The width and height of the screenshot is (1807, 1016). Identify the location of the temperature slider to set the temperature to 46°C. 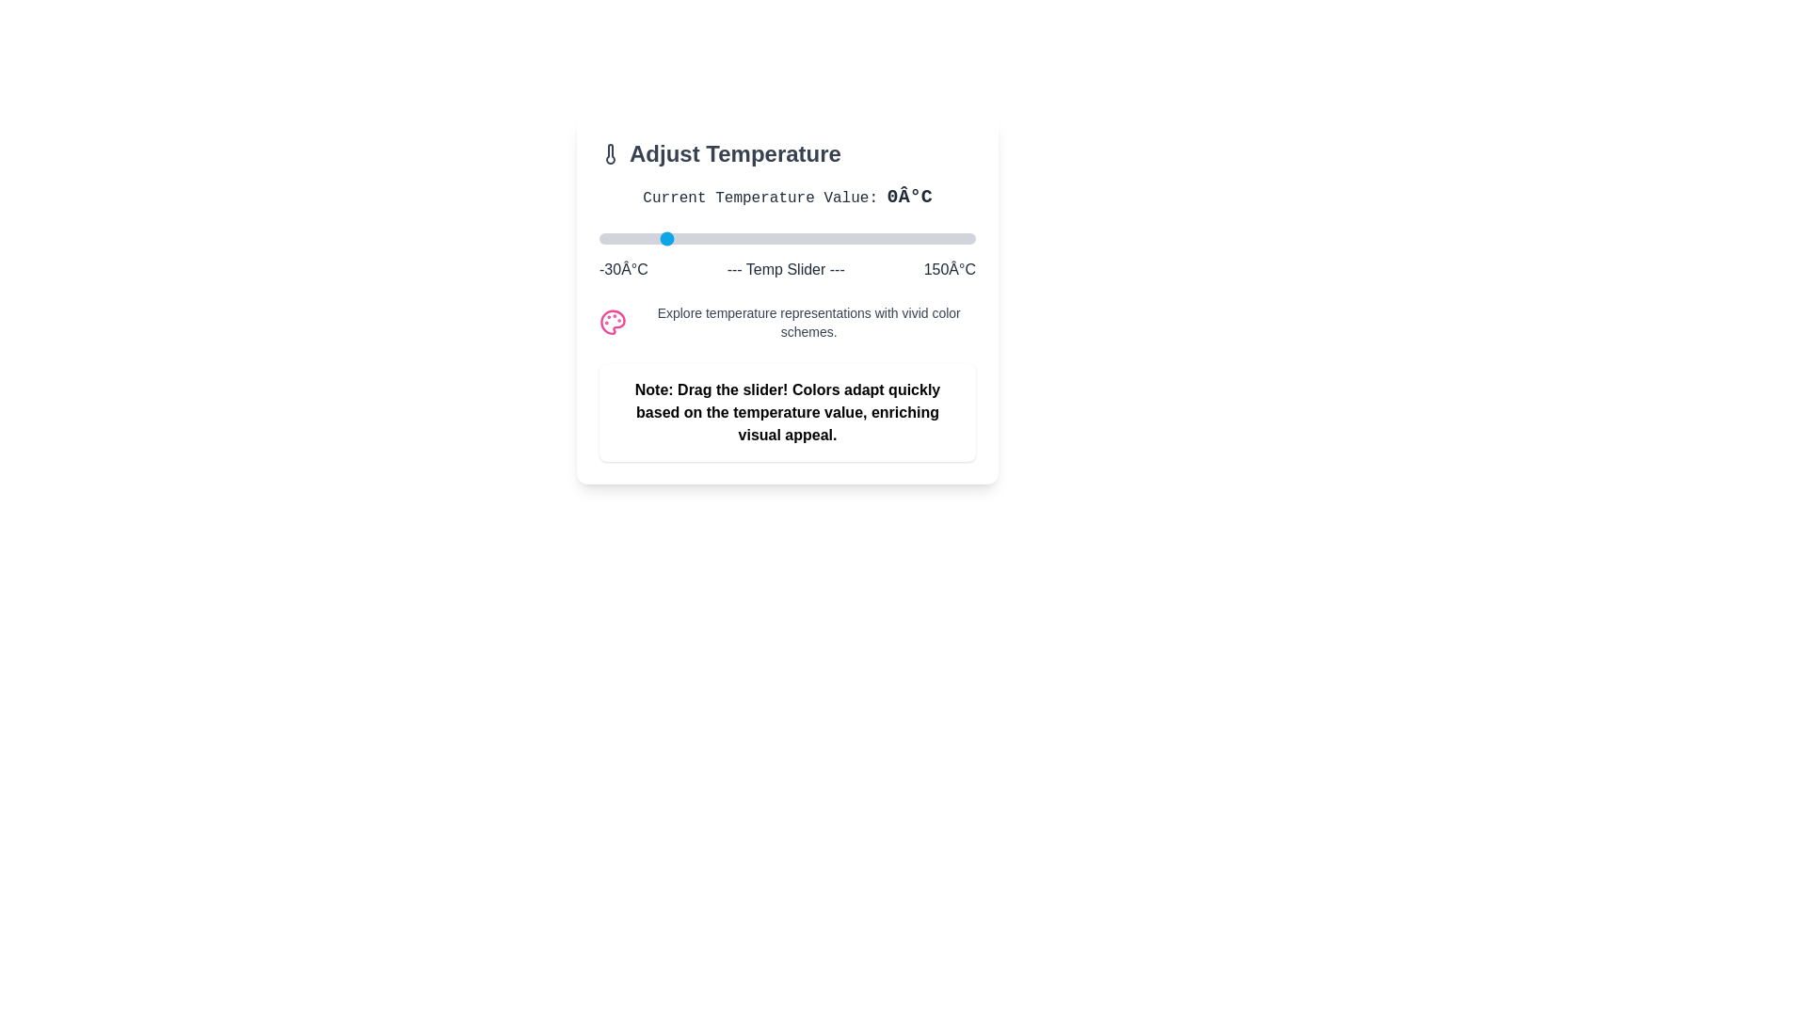
(758, 238).